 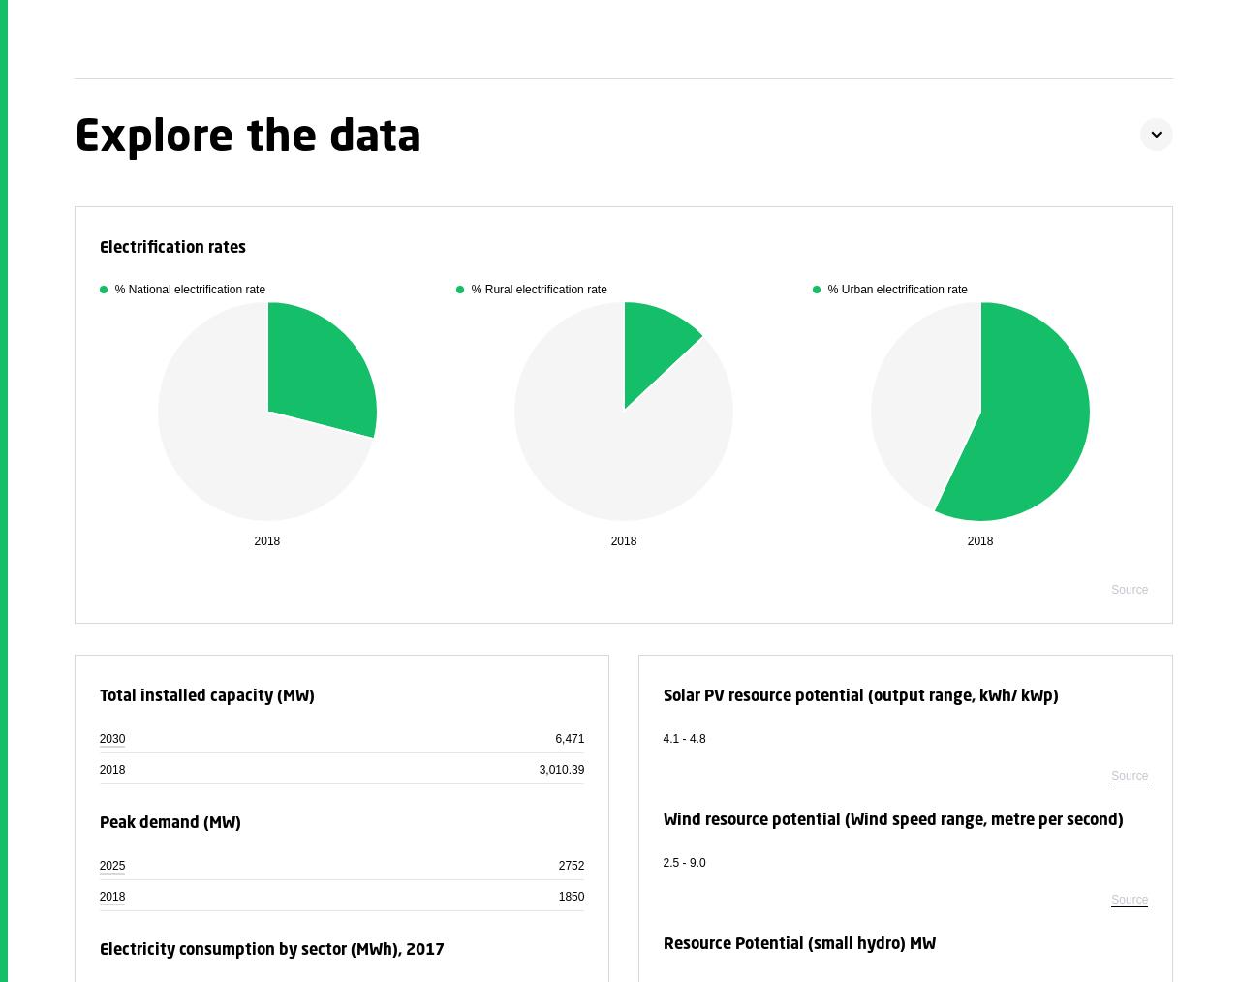 What do you see at coordinates (663, 738) in the screenshot?
I see `'4.1 - 4.8'` at bounding box center [663, 738].